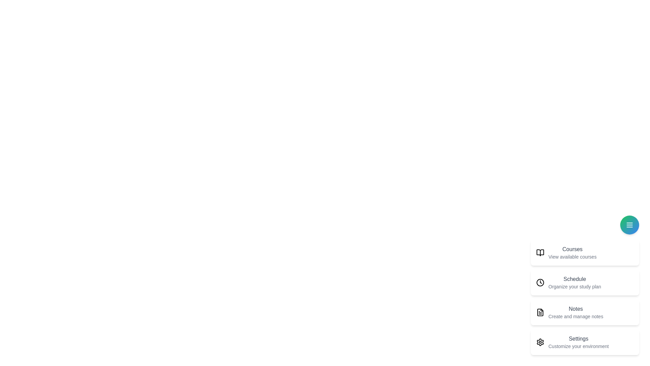 Image resolution: width=650 pixels, height=366 pixels. Describe the element at coordinates (585, 252) in the screenshot. I see `the menu item Courses in the speed dial` at that location.